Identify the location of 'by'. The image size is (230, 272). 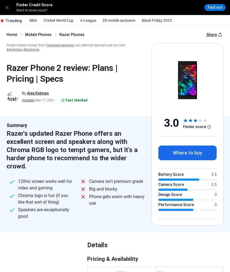
(111, 94).